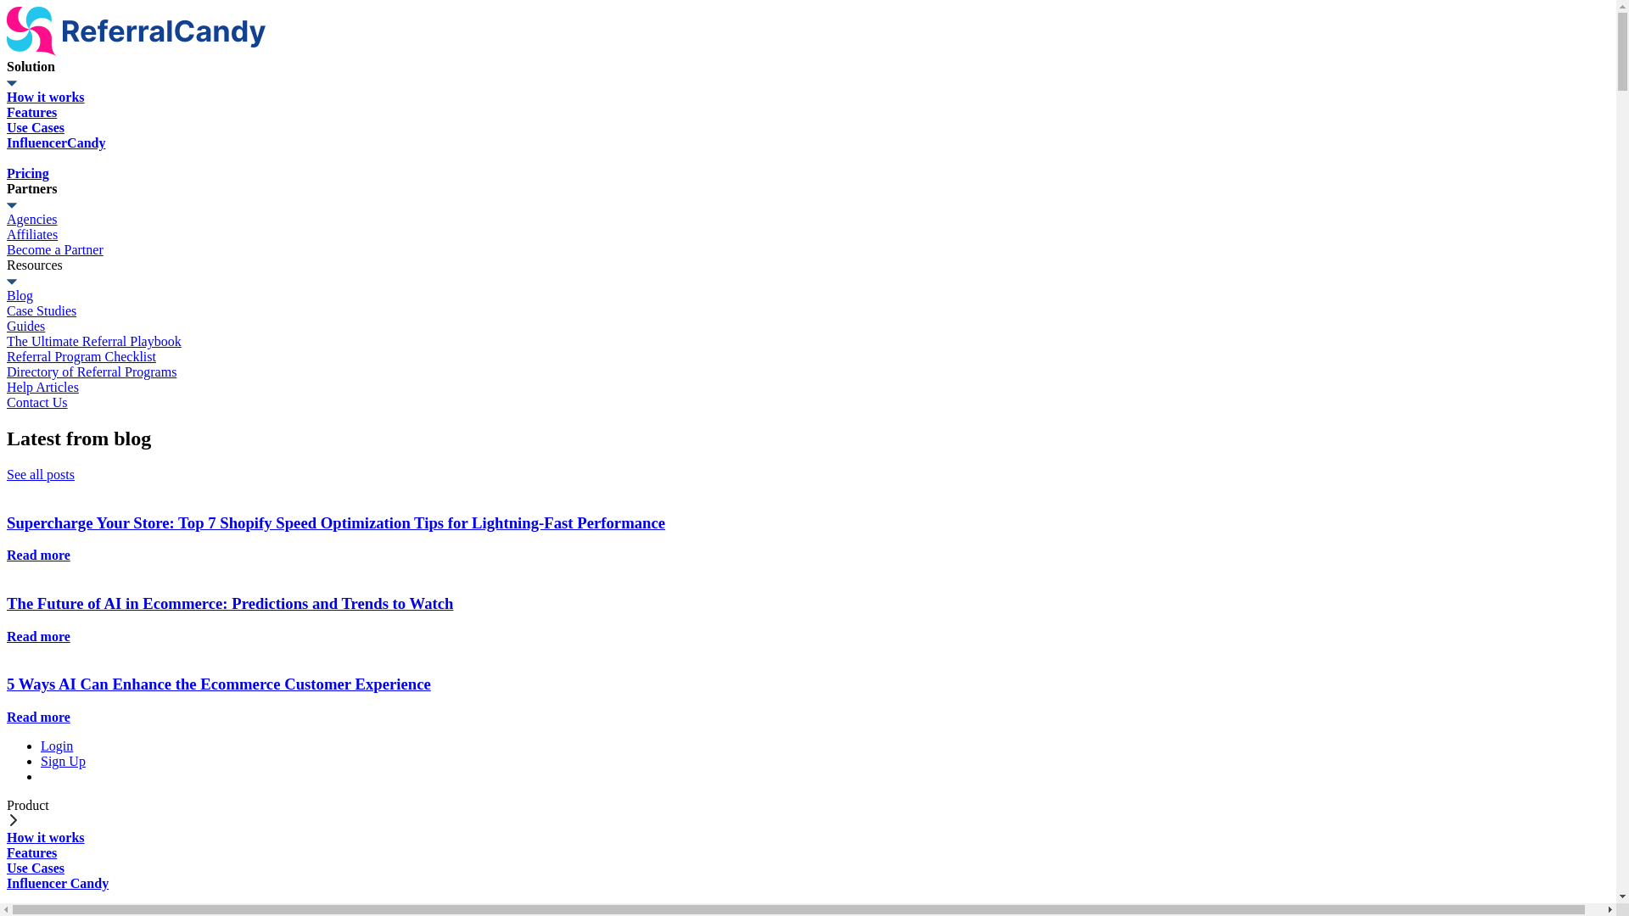  What do you see at coordinates (7, 890) in the screenshot?
I see `'Influencer Candy'` at bounding box center [7, 890].